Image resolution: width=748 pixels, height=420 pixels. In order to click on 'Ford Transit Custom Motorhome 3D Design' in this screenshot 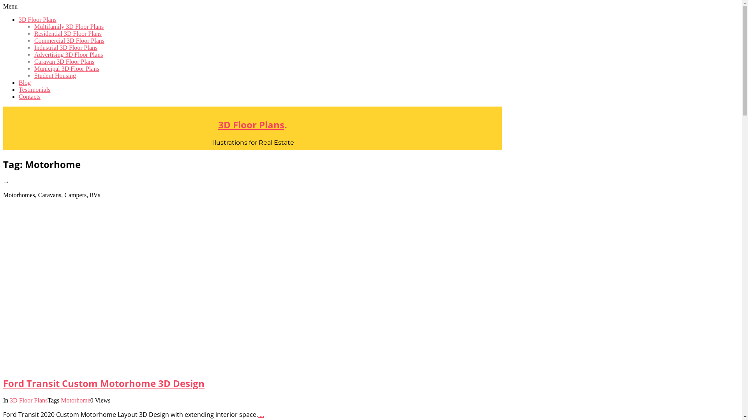, I will do `click(103, 383)`.